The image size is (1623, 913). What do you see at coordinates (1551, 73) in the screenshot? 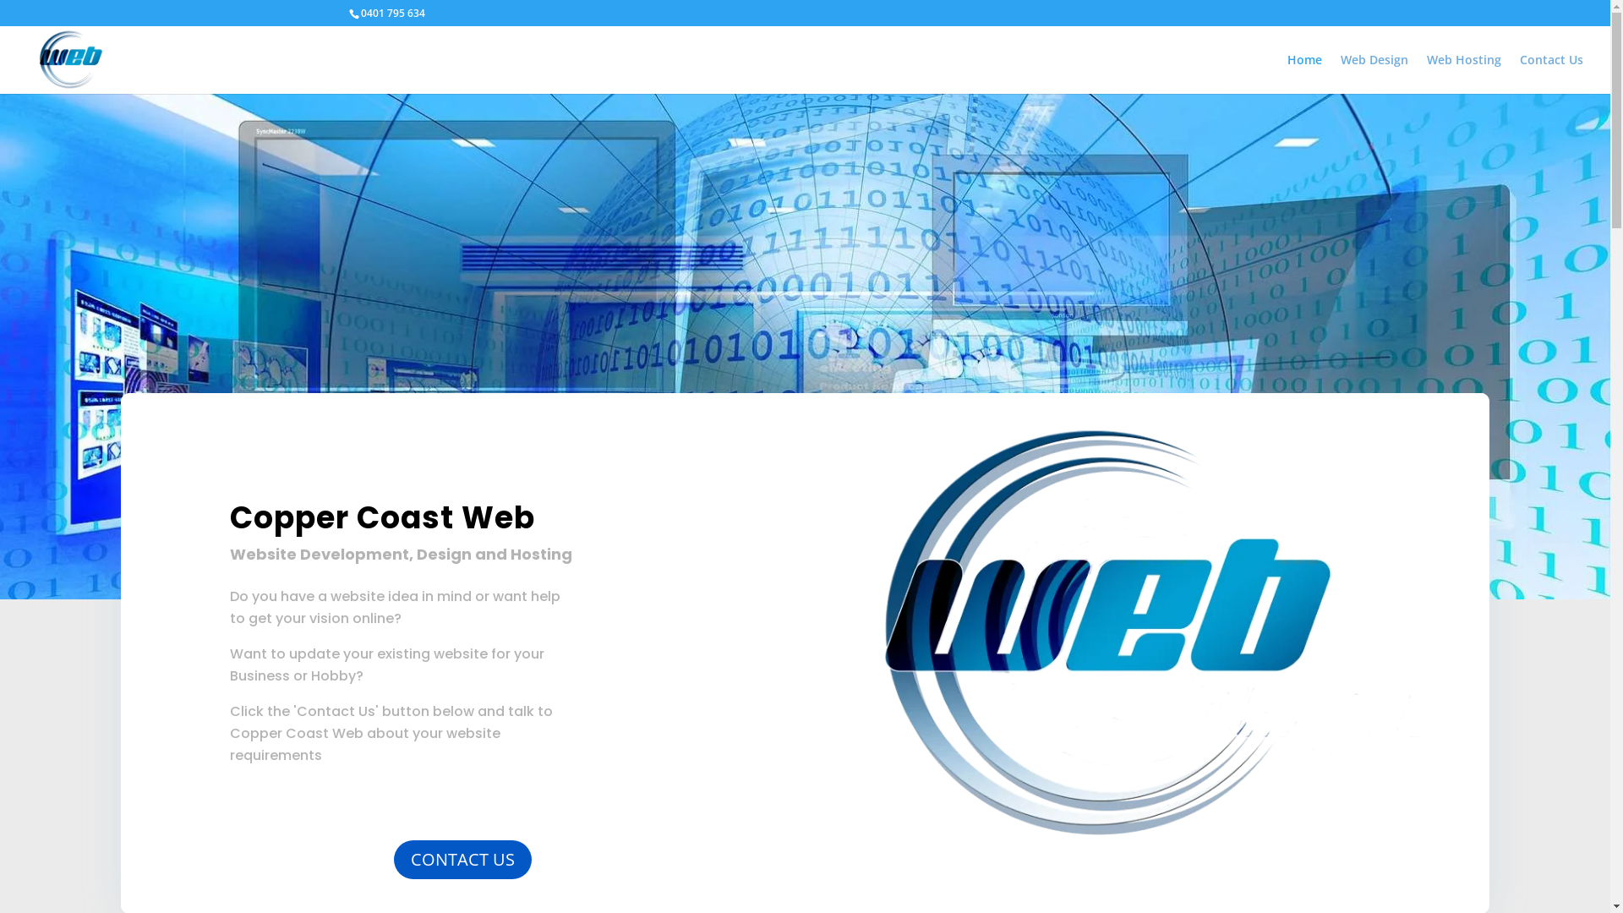
I see `'Contact Us'` at bounding box center [1551, 73].